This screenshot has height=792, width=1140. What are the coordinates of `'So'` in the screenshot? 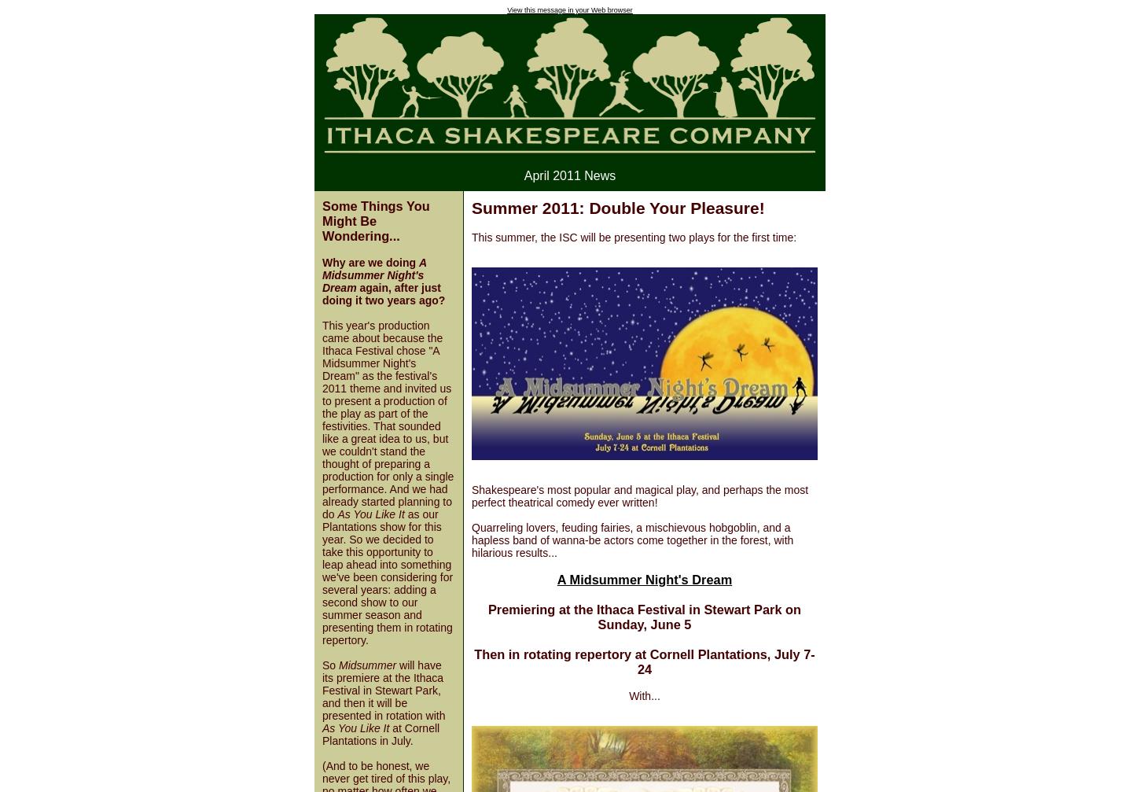 It's located at (322, 664).